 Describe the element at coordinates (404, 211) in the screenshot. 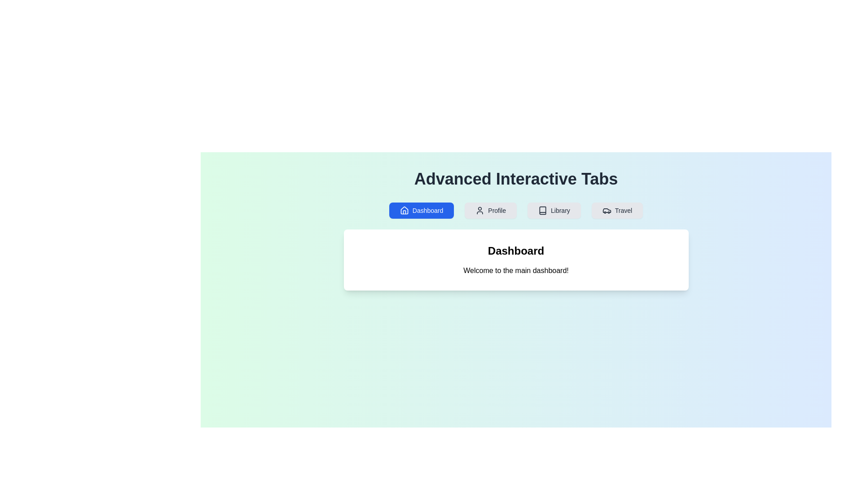

I see `the 'Dashboard' button which contains a small house icon on a blue circular background, located in the horizontal navigation tab under 'Advanced Interactive Tabs'` at that location.